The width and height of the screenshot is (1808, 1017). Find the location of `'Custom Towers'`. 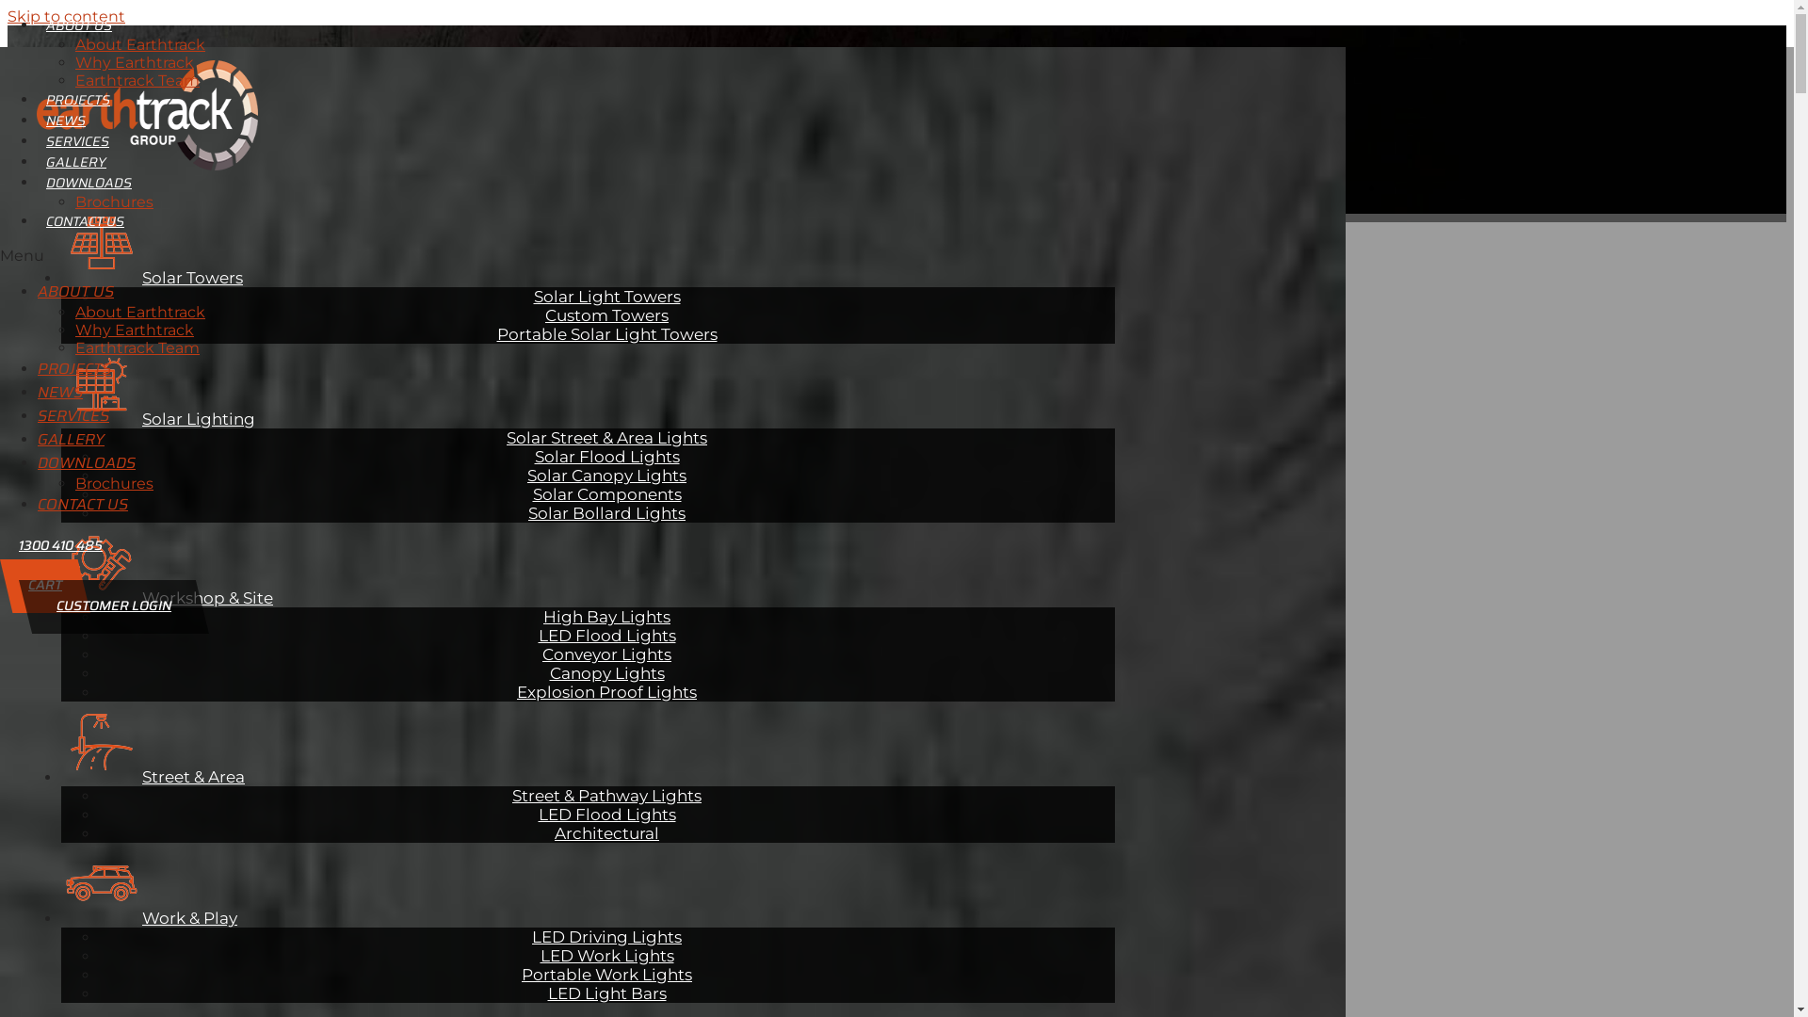

'Custom Towers' is located at coordinates (606, 314).